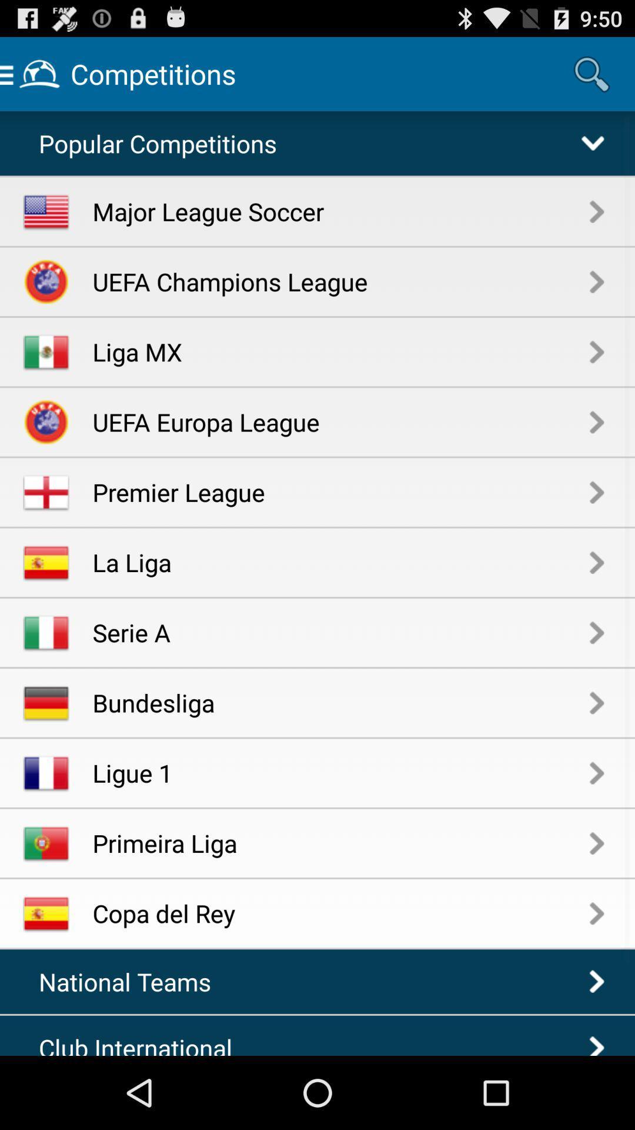 Image resolution: width=635 pixels, height=1130 pixels. What do you see at coordinates (144, 1043) in the screenshot?
I see `the item below the national teams` at bounding box center [144, 1043].